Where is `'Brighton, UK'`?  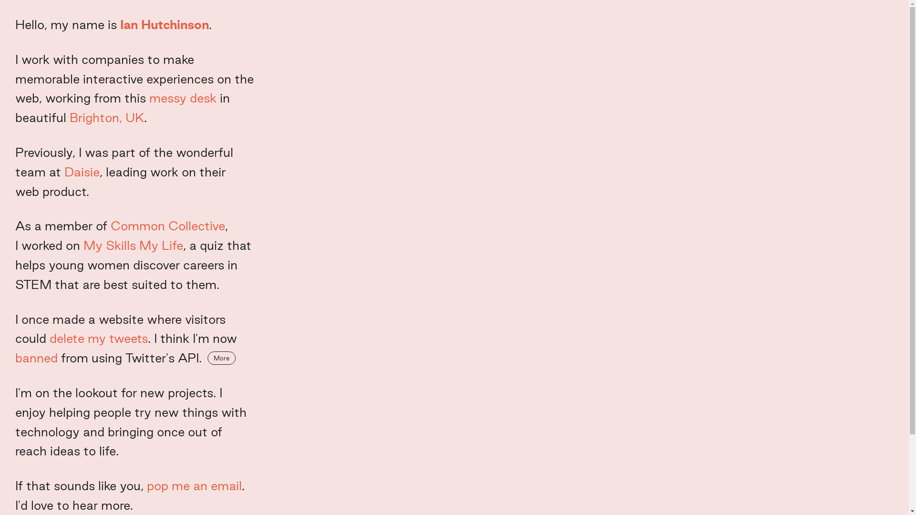 'Brighton, UK' is located at coordinates (69, 117).